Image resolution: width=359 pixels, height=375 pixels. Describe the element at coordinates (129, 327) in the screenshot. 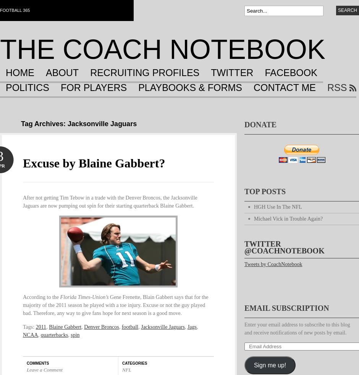

I see `'football'` at that location.